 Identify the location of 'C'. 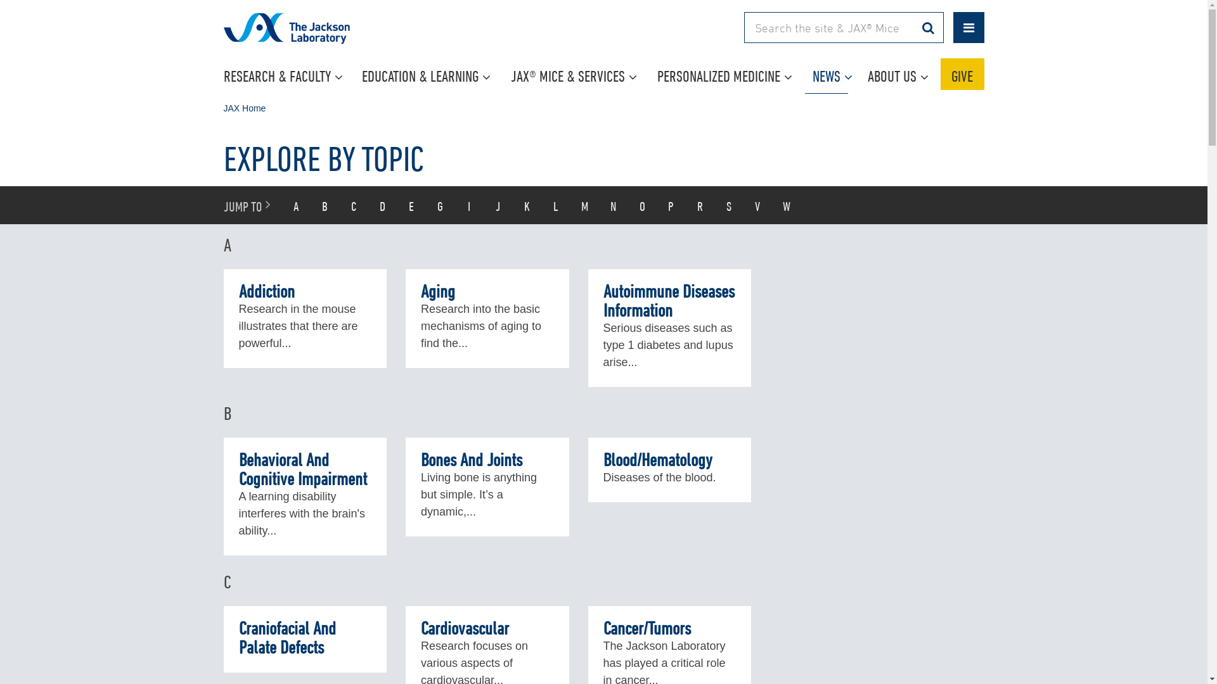
(354, 205).